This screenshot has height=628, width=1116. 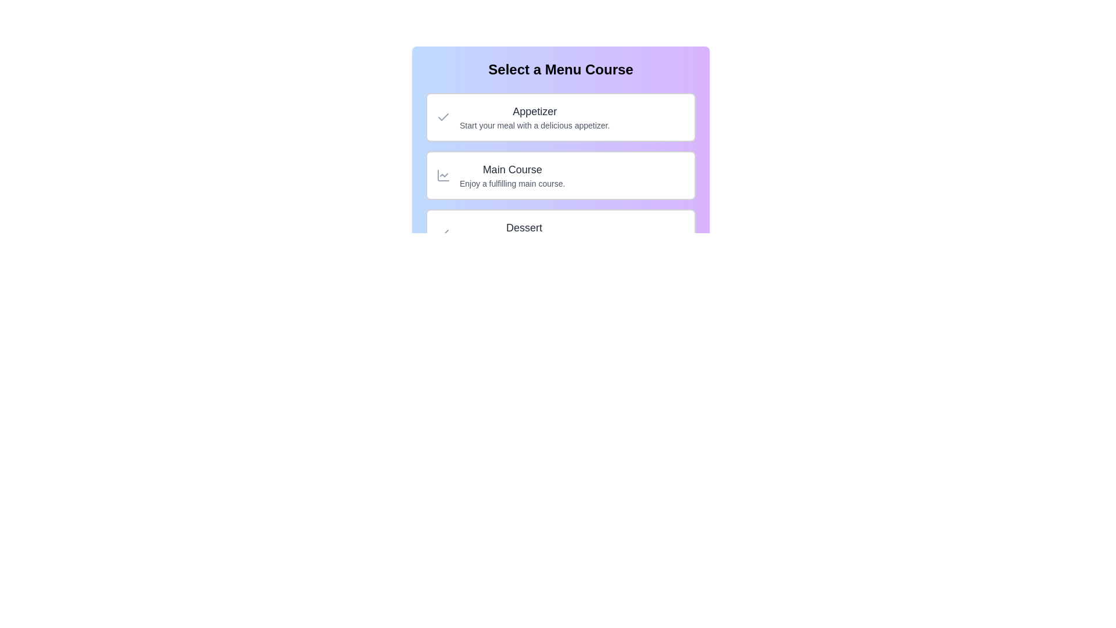 What do you see at coordinates (560, 233) in the screenshot?
I see `the selectable list item for dessert course in the menu, which is the third item in a vertically stacked menu list` at bounding box center [560, 233].